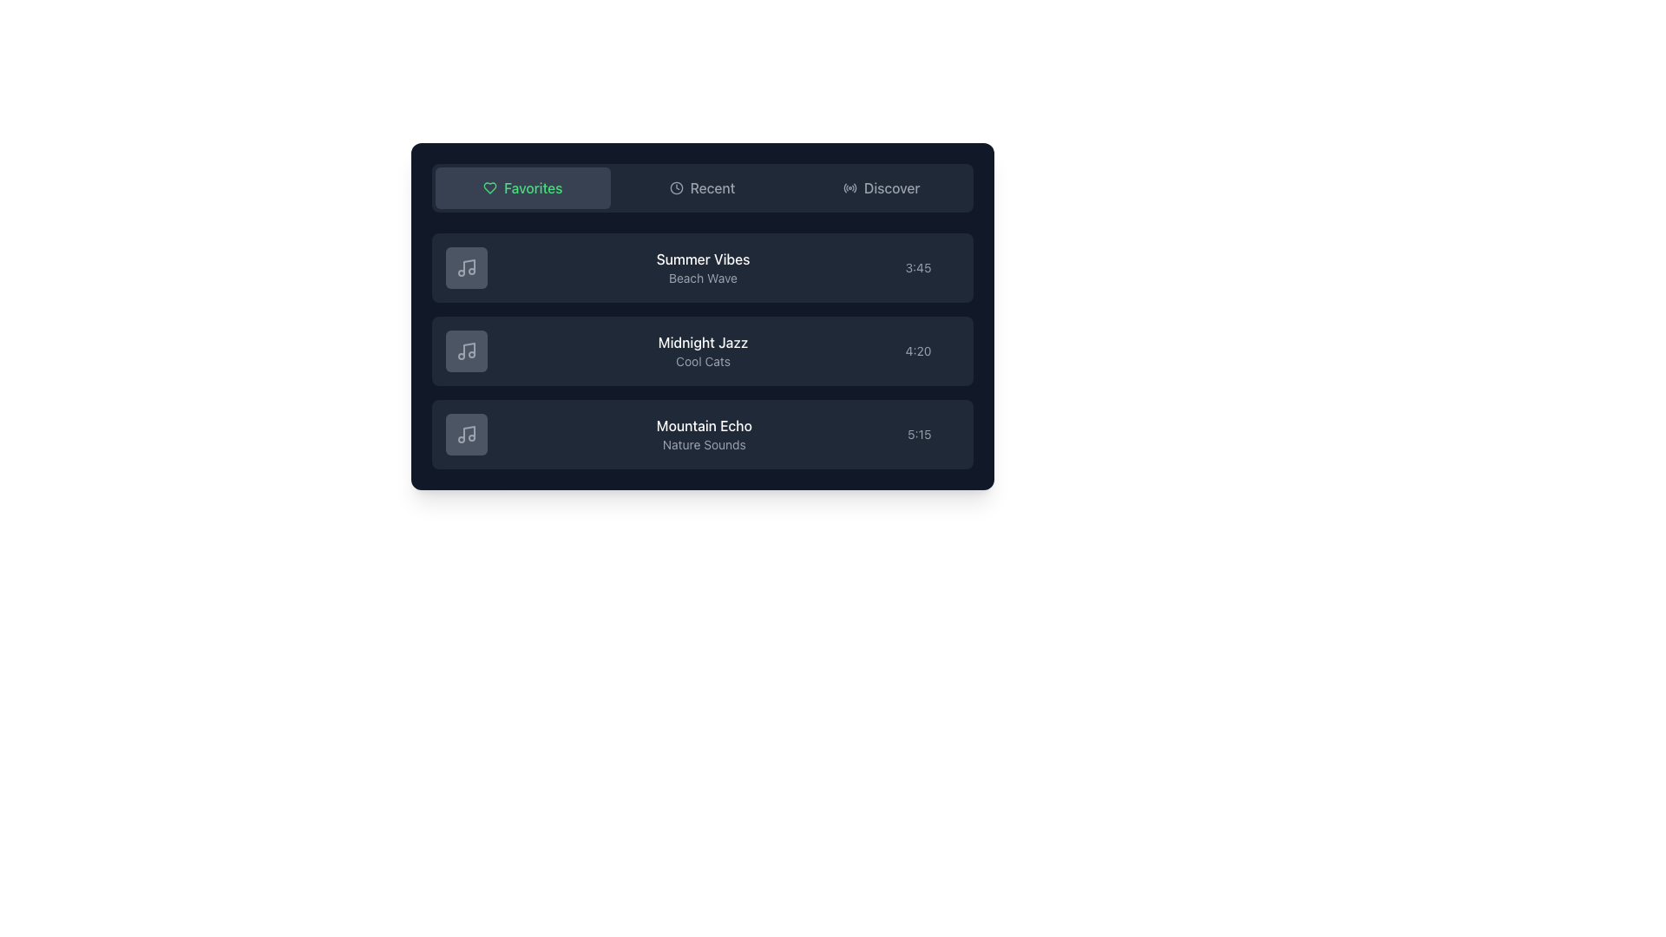  Describe the element at coordinates (917, 351) in the screenshot. I see `the text label displaying '4:20' which is styled minimally and located on the right side of the row containing 'Midnight Jazz' and 'Cool Cats'` at that location.